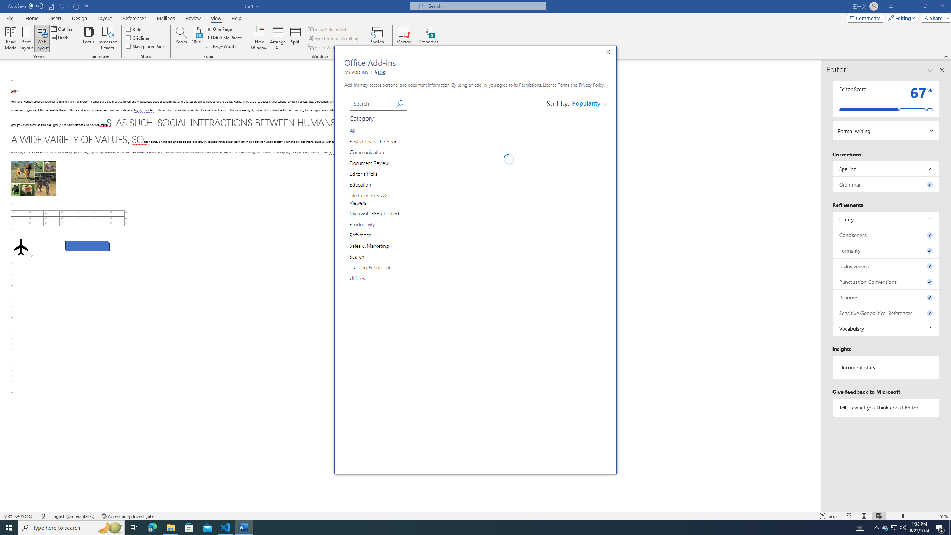 The image size is (951, 535). I want to click on 'Editor Score 67%', so click(886, 98).